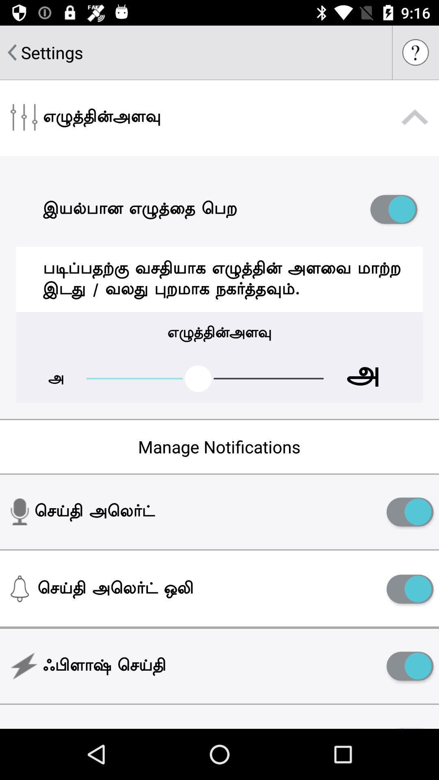  What do you see at coordinates (415, 52) in the screenshot?
I see `help link` at bounding box center [415, 52].